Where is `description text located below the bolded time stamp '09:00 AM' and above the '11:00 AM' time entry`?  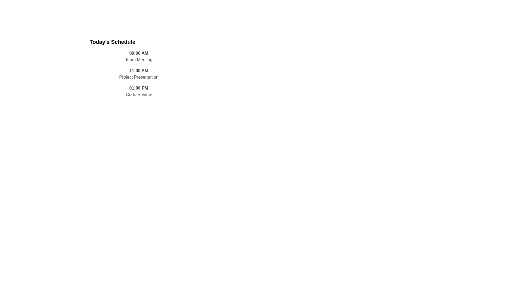 description text located below the bolded time stamp '09:00 AM' and above the '11:00 AM' time entry is located at coordinates (139, 60).